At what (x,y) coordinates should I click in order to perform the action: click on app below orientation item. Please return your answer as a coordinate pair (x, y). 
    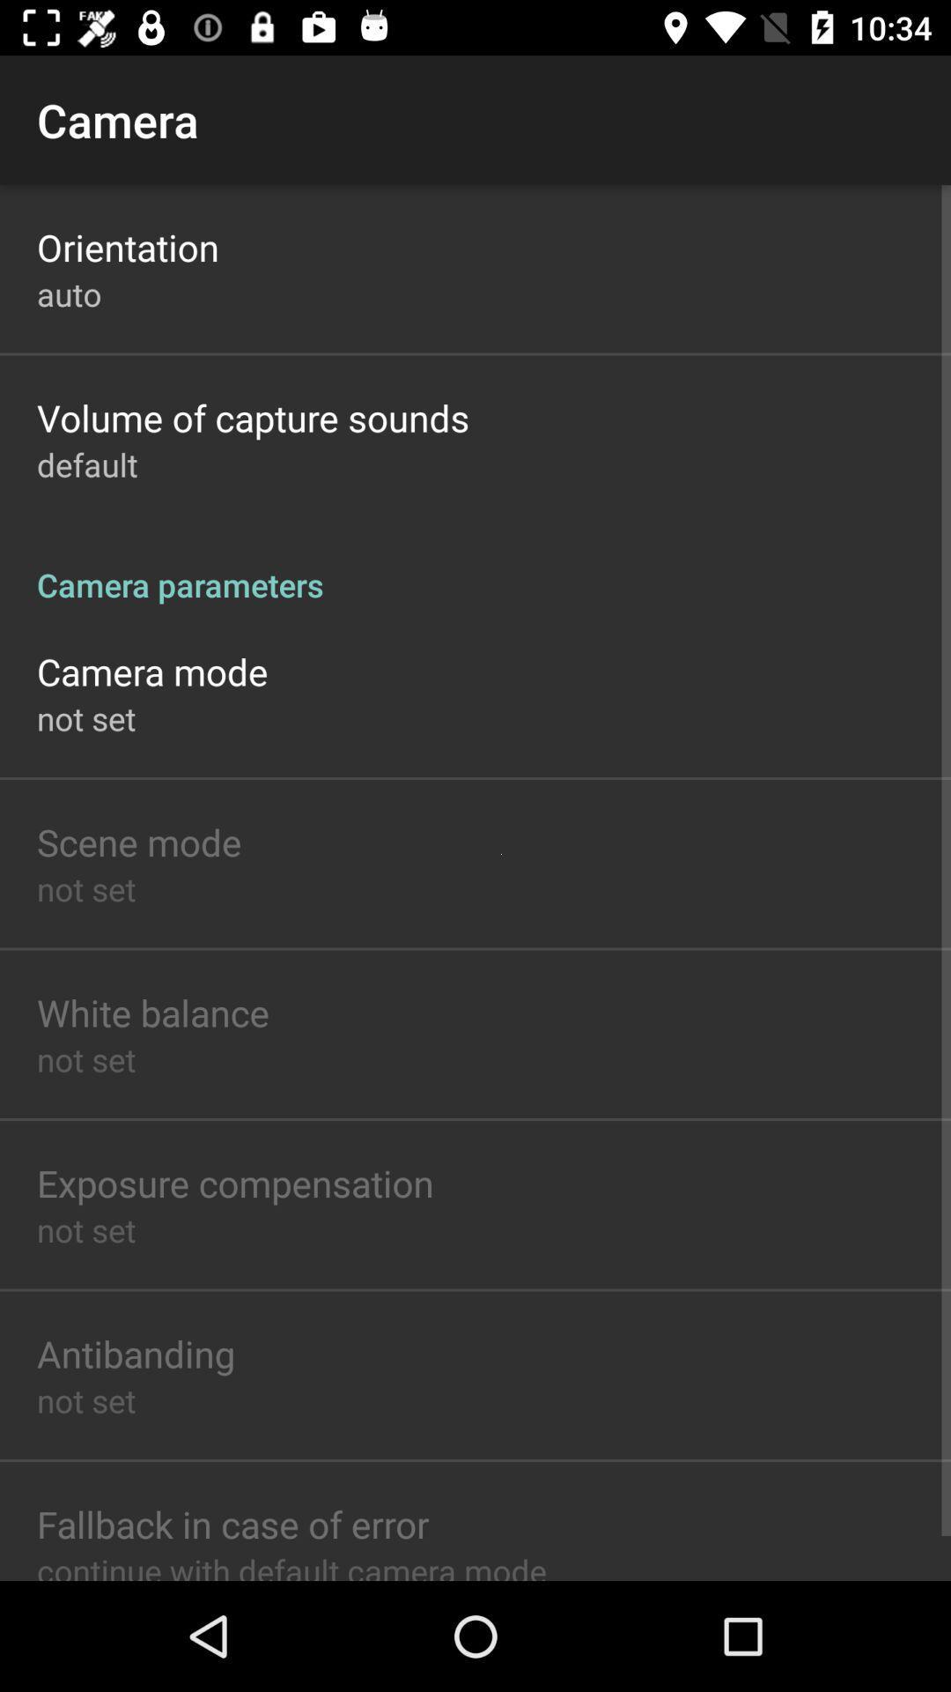
    Looking at the image, I should click on (68, 293).